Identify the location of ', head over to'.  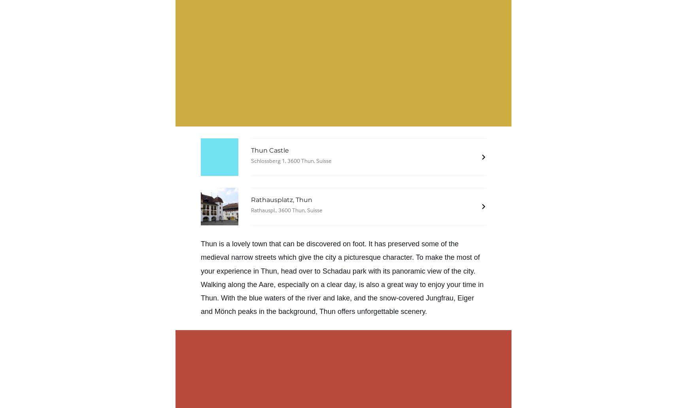
(277, 270).